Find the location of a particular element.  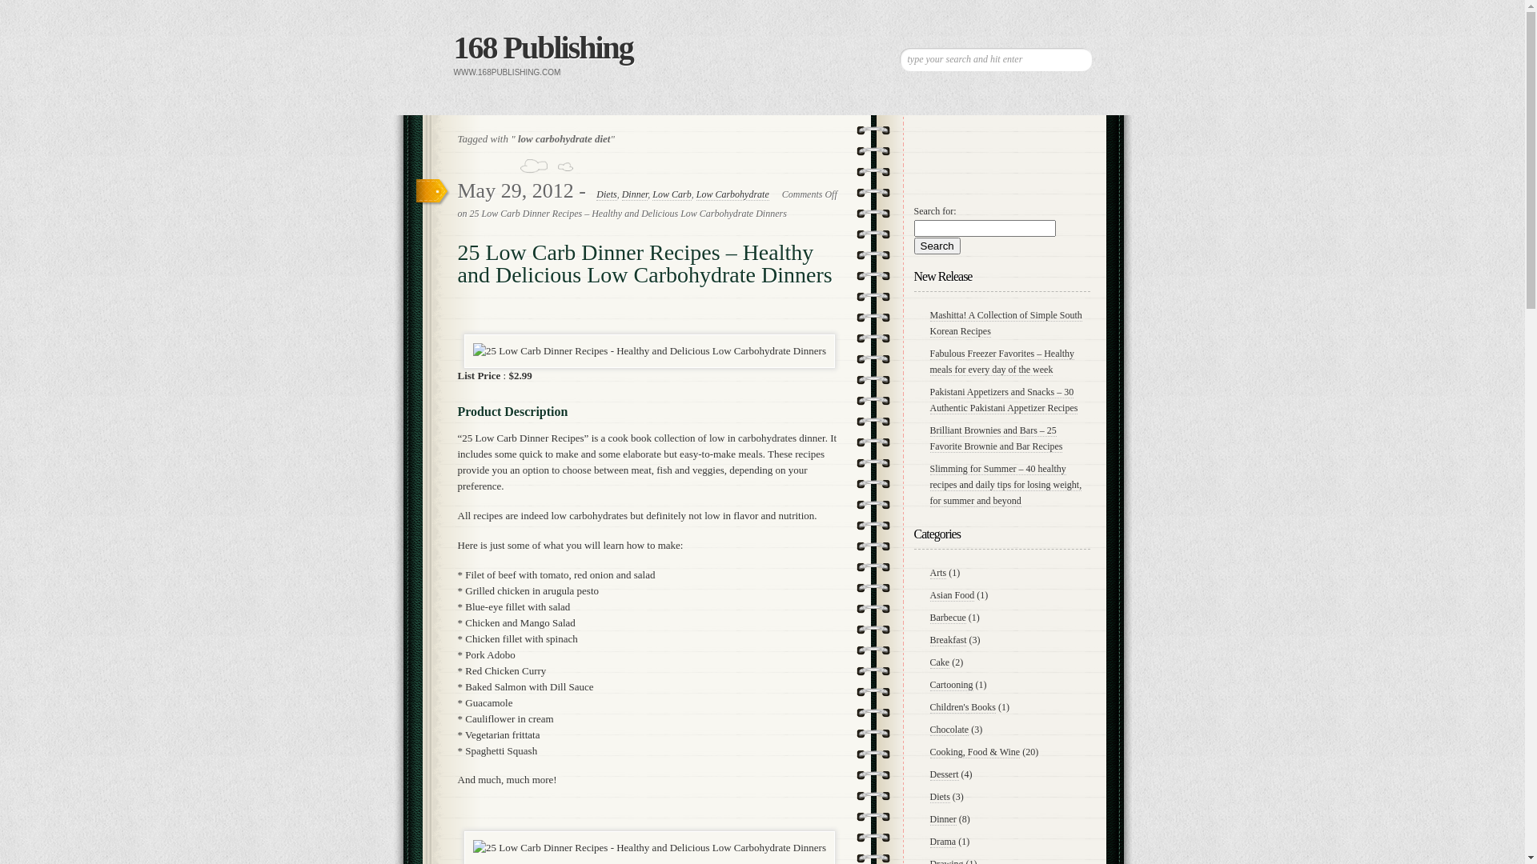

'Diets' is located at coordinates (605, 194).